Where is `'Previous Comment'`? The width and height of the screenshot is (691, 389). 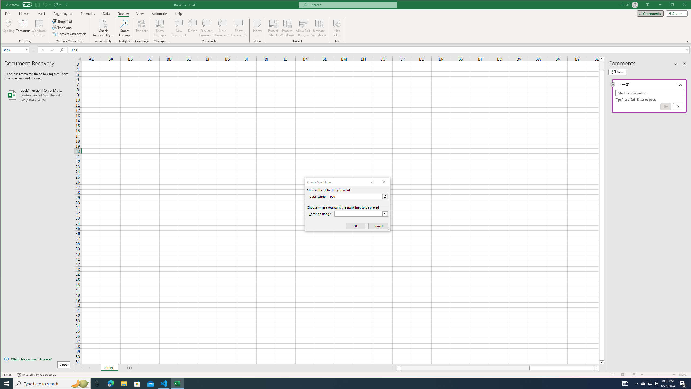
'Previous Comment' is located at coordinates (206, 28).